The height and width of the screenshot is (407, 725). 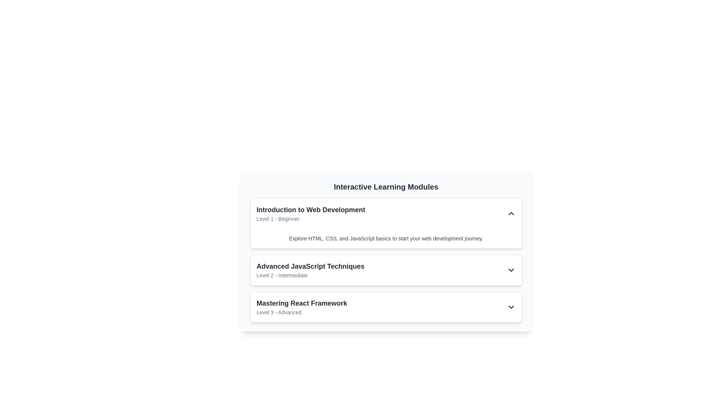 What do you see at coordinates (511, 307) in the screenshot?
I see `the dropdown toggle icon at the far-right of the row for 'Mastering React Framework Level 3 - Advanced'` at bounding box center [511, 307].